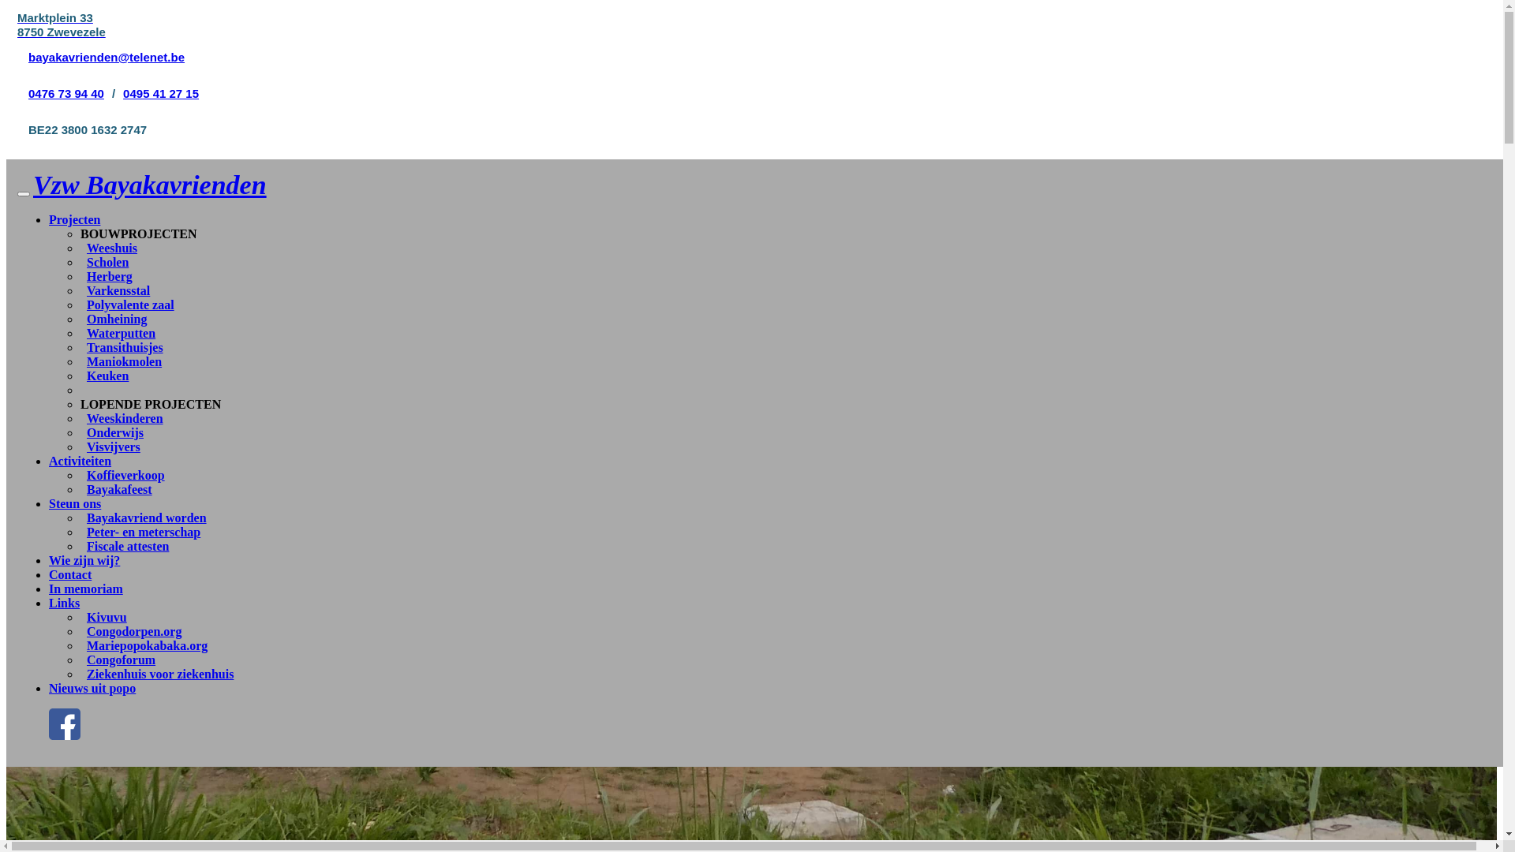  Describe the element at coordinates (105, 275) in the screenshot. I see `'Herberg'` at that location.